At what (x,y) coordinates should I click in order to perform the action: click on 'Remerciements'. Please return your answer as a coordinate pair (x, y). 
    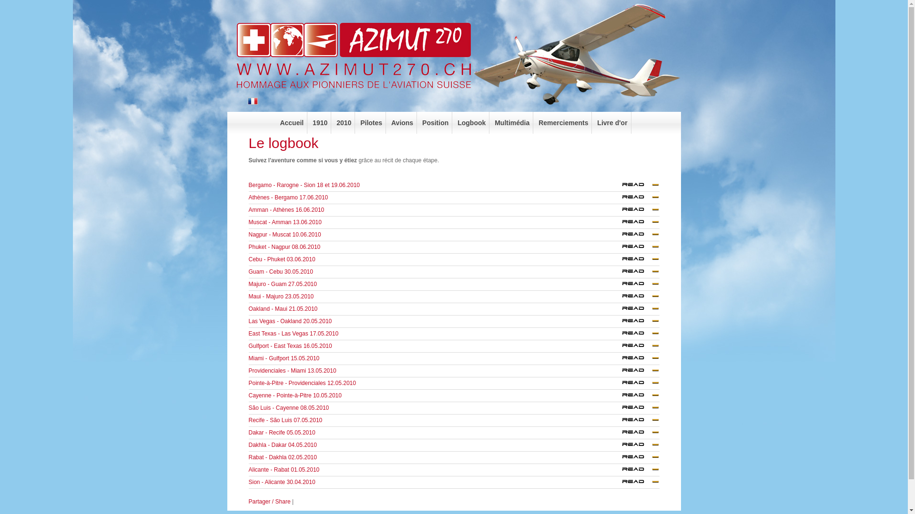
    Looking at the image, I should click on (563, 122).